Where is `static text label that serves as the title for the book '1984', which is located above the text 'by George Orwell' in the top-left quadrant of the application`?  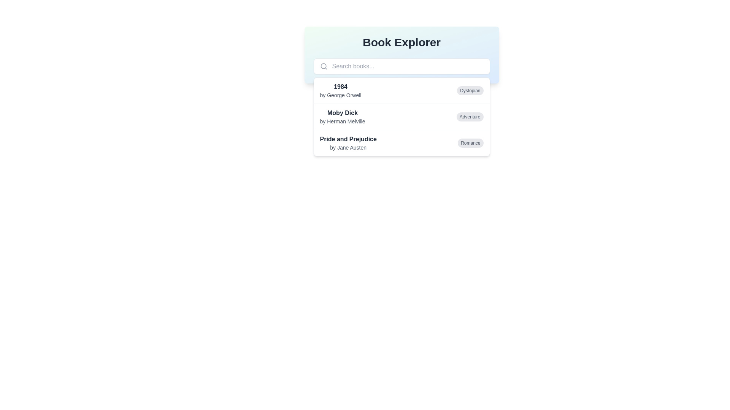 static text label that serves as the title for the book '1984', which is located above the text 'by George Orwell' in the top-left quadrant of the application is located at coordinates (340, 86).